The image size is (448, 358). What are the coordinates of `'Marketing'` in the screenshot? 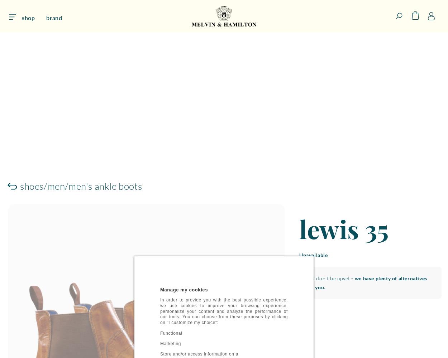 It's located at (170, 343).